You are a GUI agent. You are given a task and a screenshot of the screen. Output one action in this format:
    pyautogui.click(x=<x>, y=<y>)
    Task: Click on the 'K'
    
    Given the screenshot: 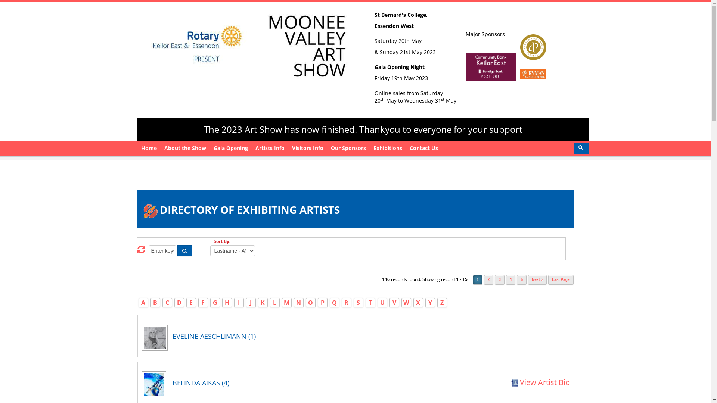 What is the action you would take?
    pyautogui.click(x=263, y=302)
    